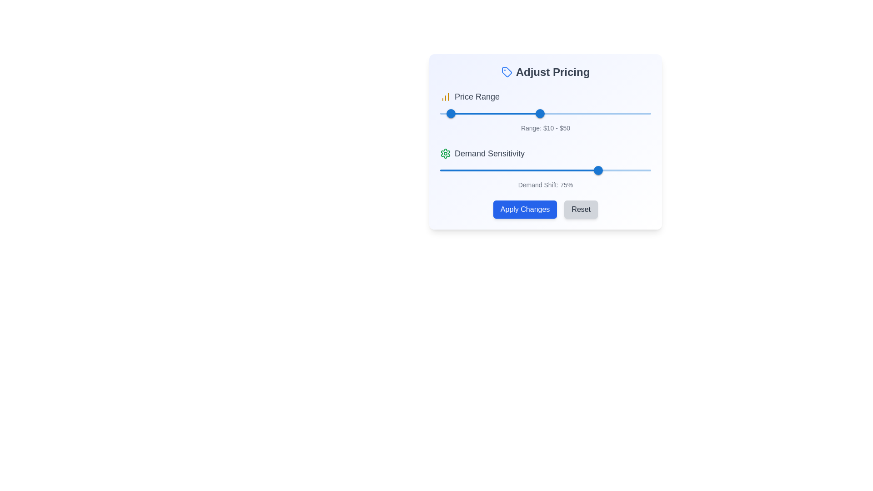 The width and height of the screenshot is (873, 491). What do you see at coordinates (445, 153) in the screenshot?
I see `the settings icon located to the left of the 'Demand Sensitivity' text in the 'Adjust Pricing' panel` at bounding box center [445, 153].